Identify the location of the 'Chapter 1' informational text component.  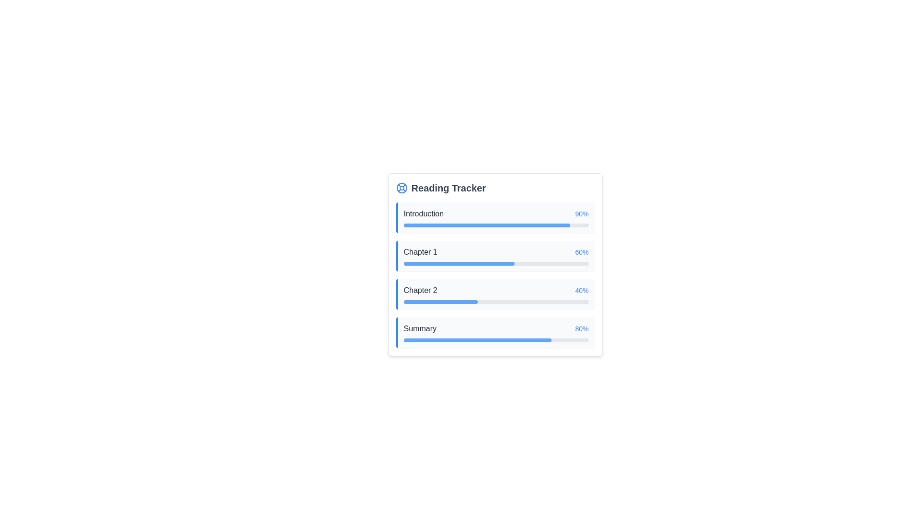
(496, 252).